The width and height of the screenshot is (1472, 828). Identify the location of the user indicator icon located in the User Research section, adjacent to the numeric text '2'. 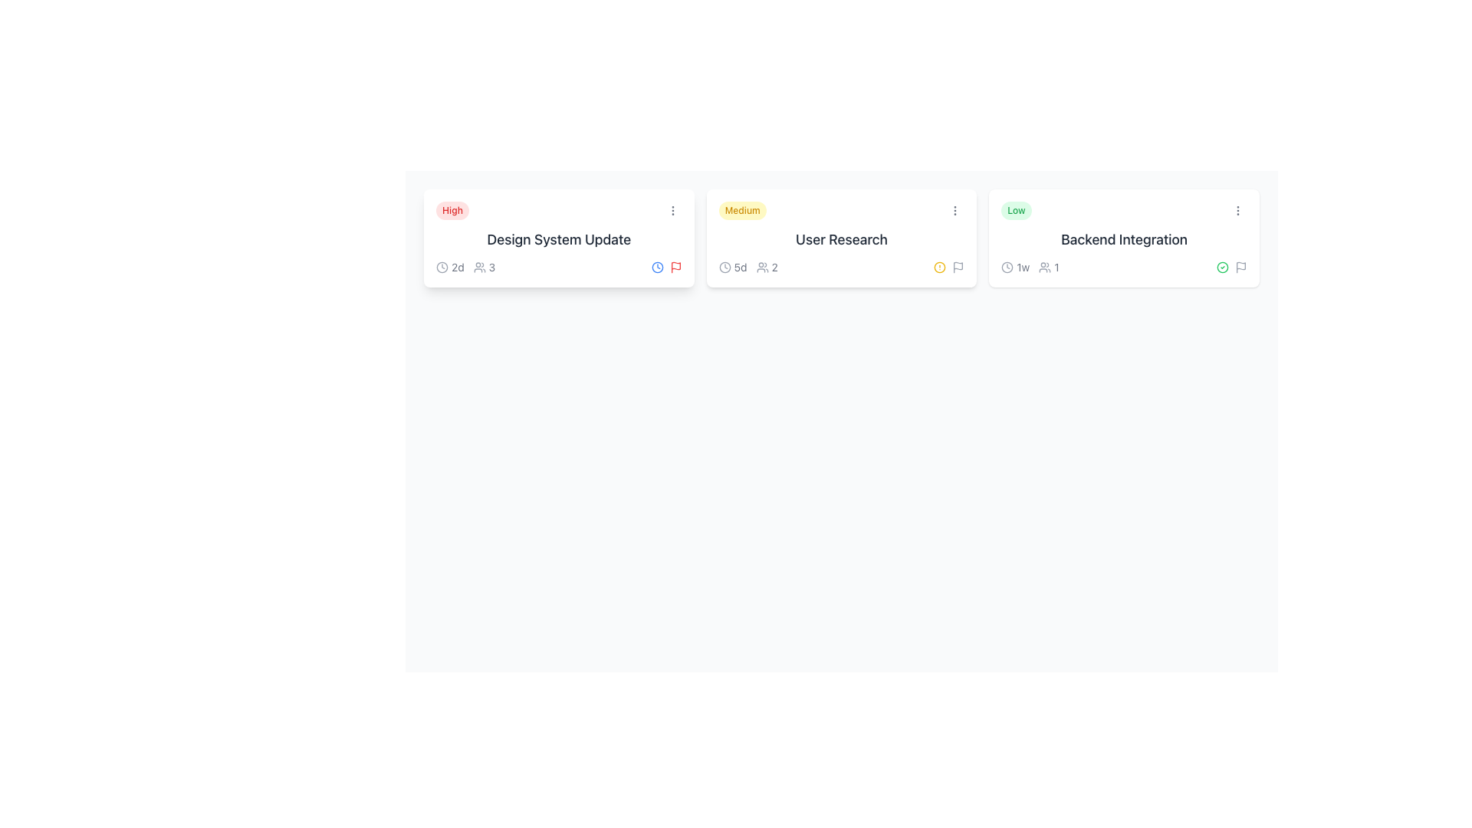
(762, 266).